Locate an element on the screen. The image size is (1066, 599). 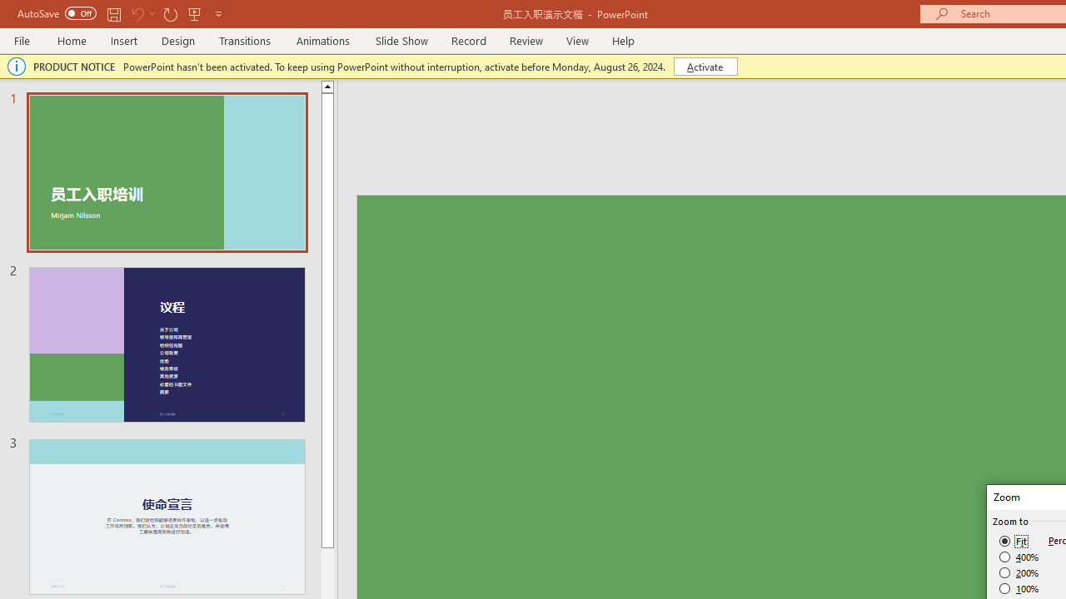
'From Beginning' is located at coordinates (195, 13).